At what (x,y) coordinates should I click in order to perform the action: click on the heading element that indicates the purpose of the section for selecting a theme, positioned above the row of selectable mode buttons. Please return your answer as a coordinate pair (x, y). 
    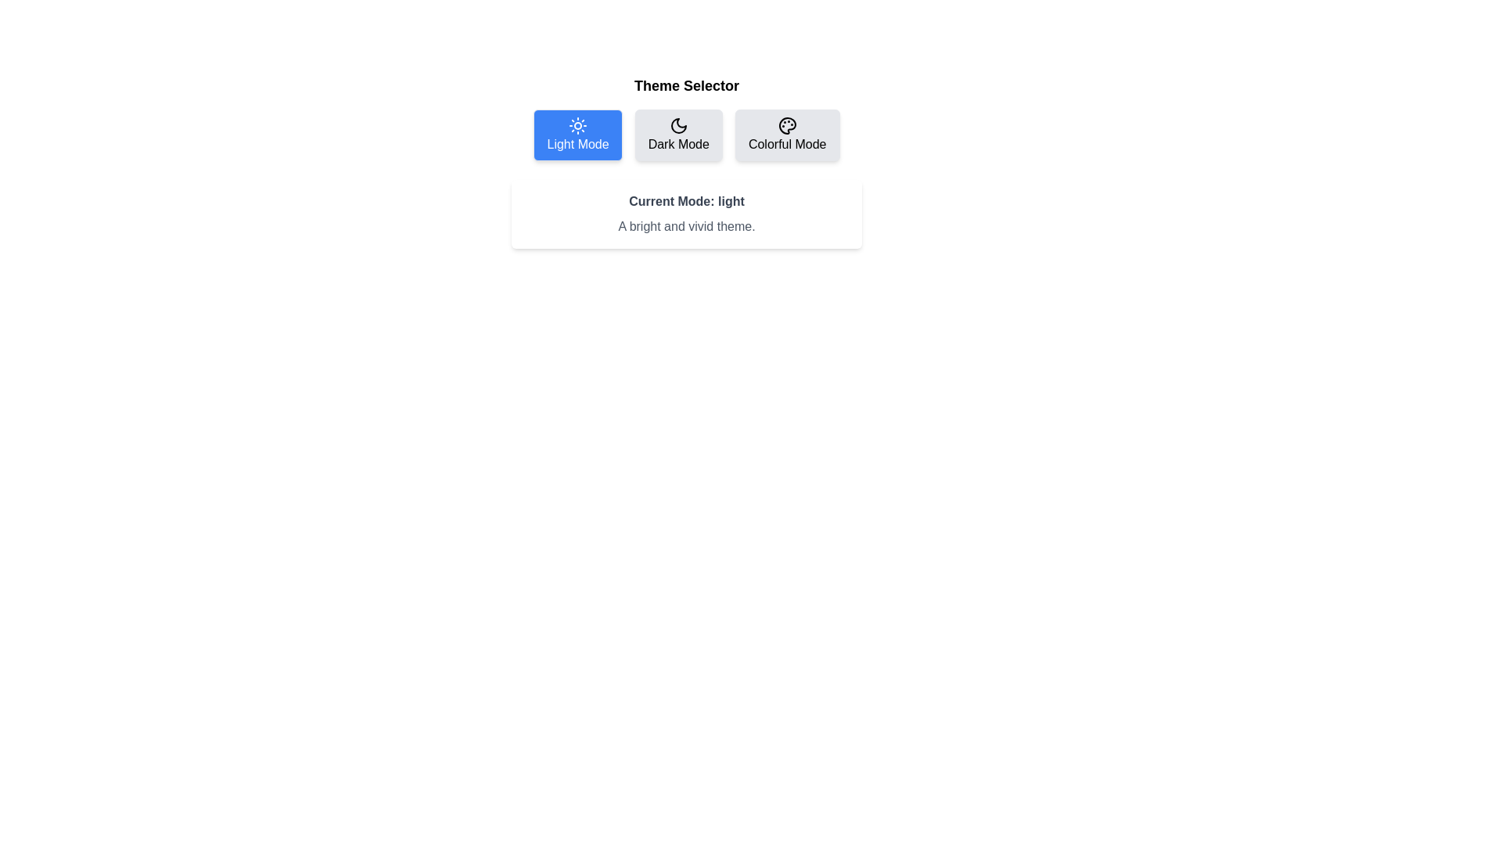
    Looking at the image, I should click on (687, 86).